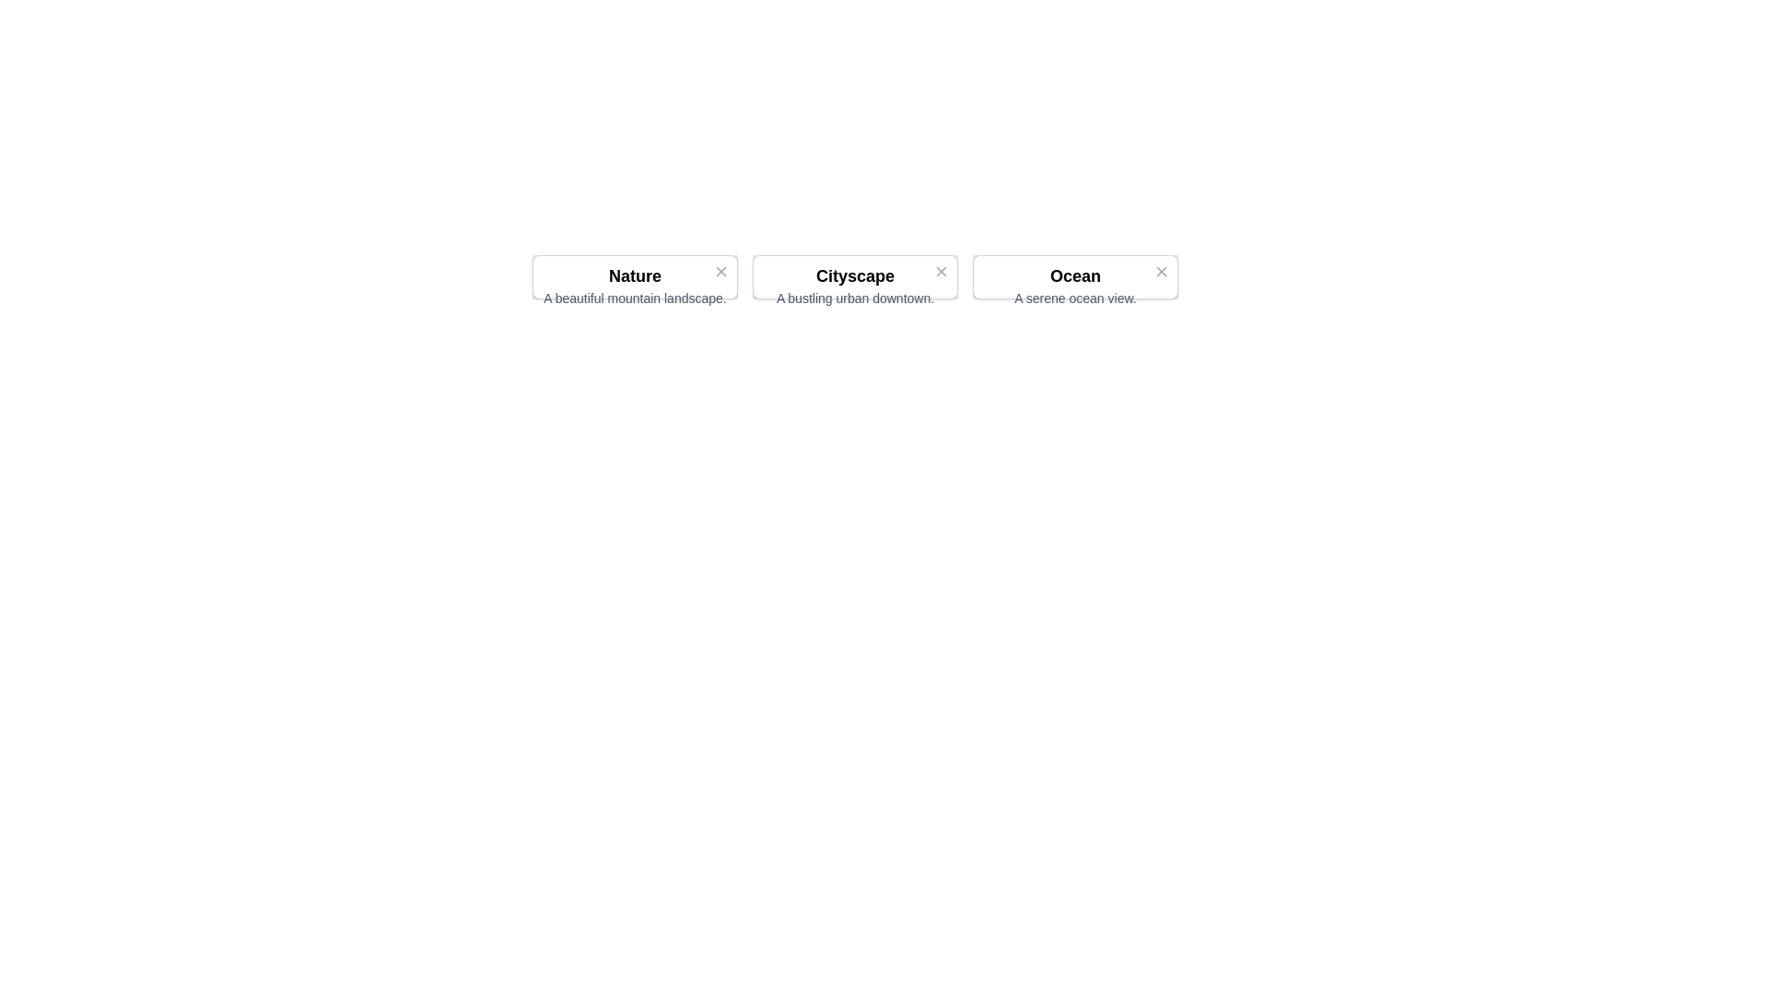 The height and width of the screenshot is (995, 1769). I want to click on text label 'Ocean' which is prominently displayed in large, bold black font as part of a navigation bar, positioned third from the left with a description below it, so click(1075, 276).